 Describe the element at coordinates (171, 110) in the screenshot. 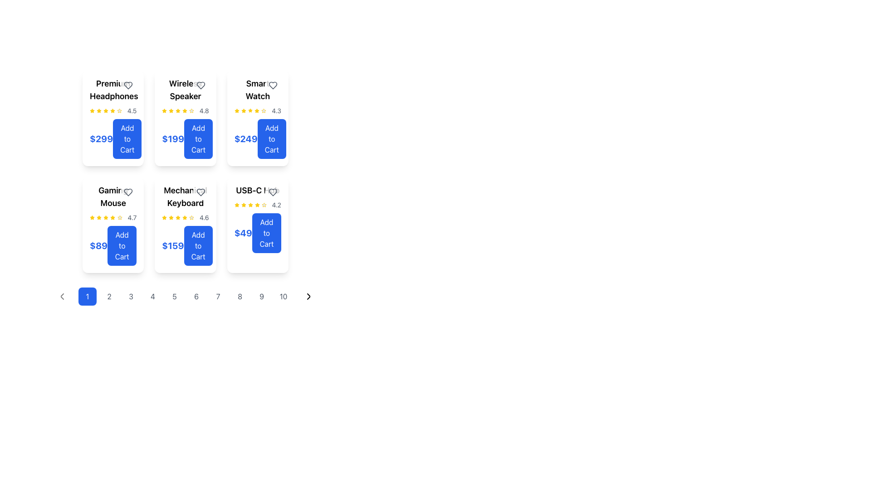

I see `the second star-shaped icon with a yellow fill in the rating system for the product labeled 'Wireless Speaker'` at that location.